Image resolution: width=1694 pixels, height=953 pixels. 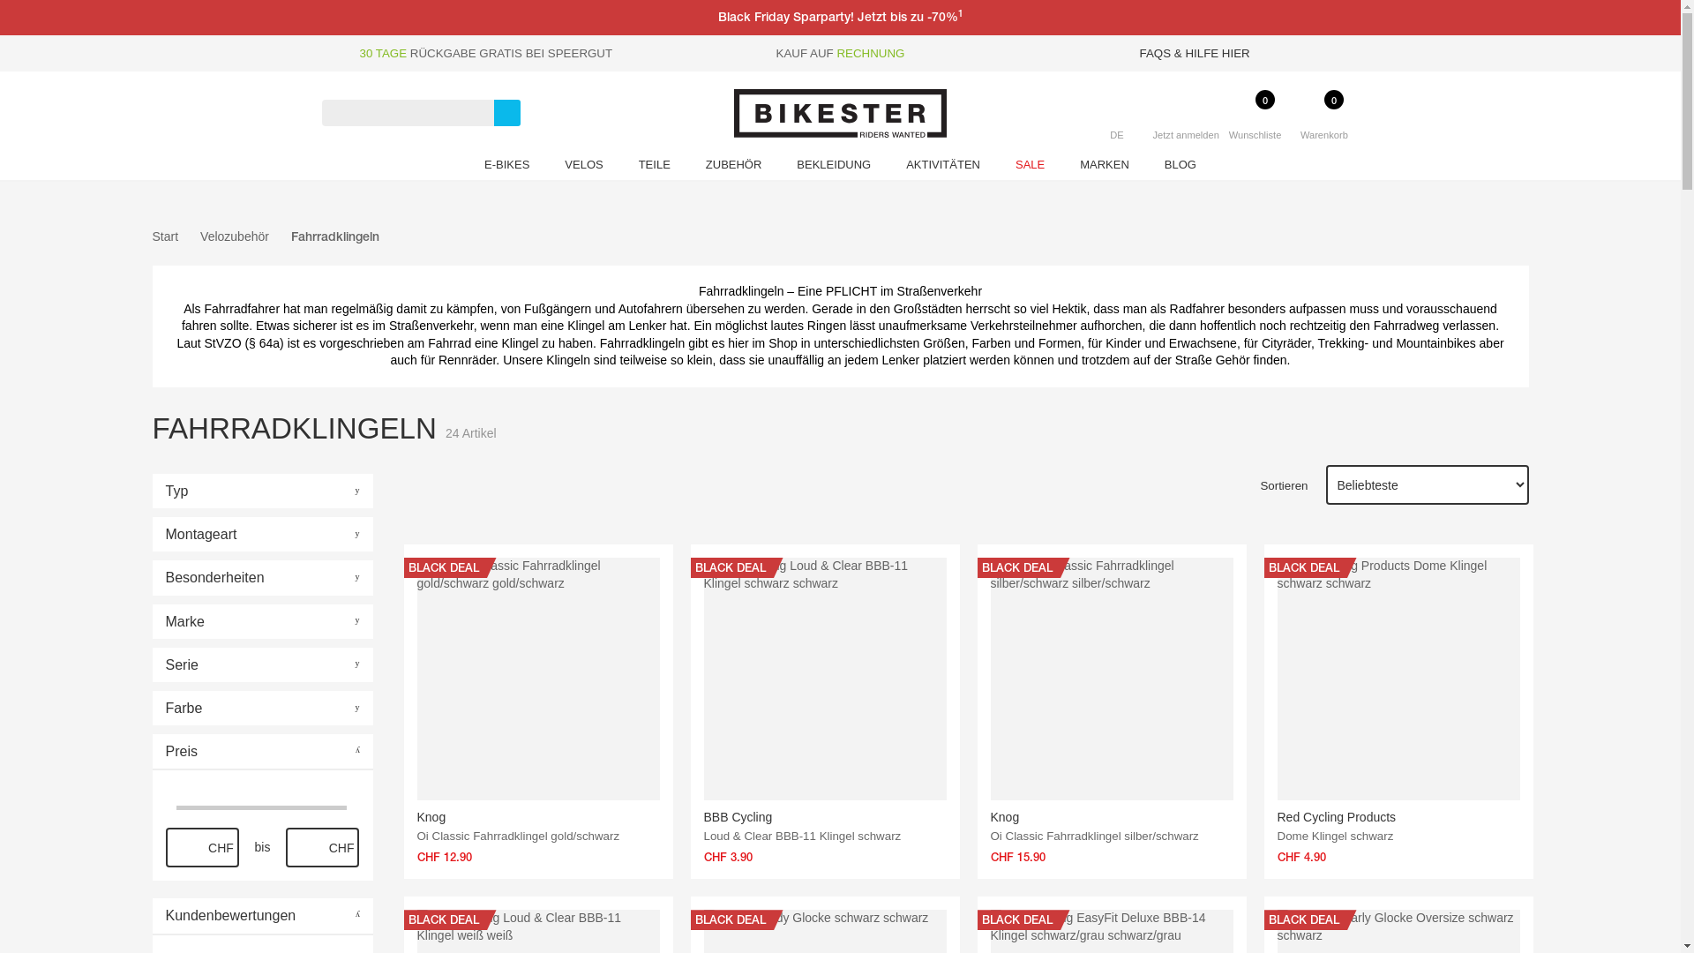 What do you see at coordinates (1290, 129) in the screenshot?
I see `'0` at bounding box center [1290, 129].